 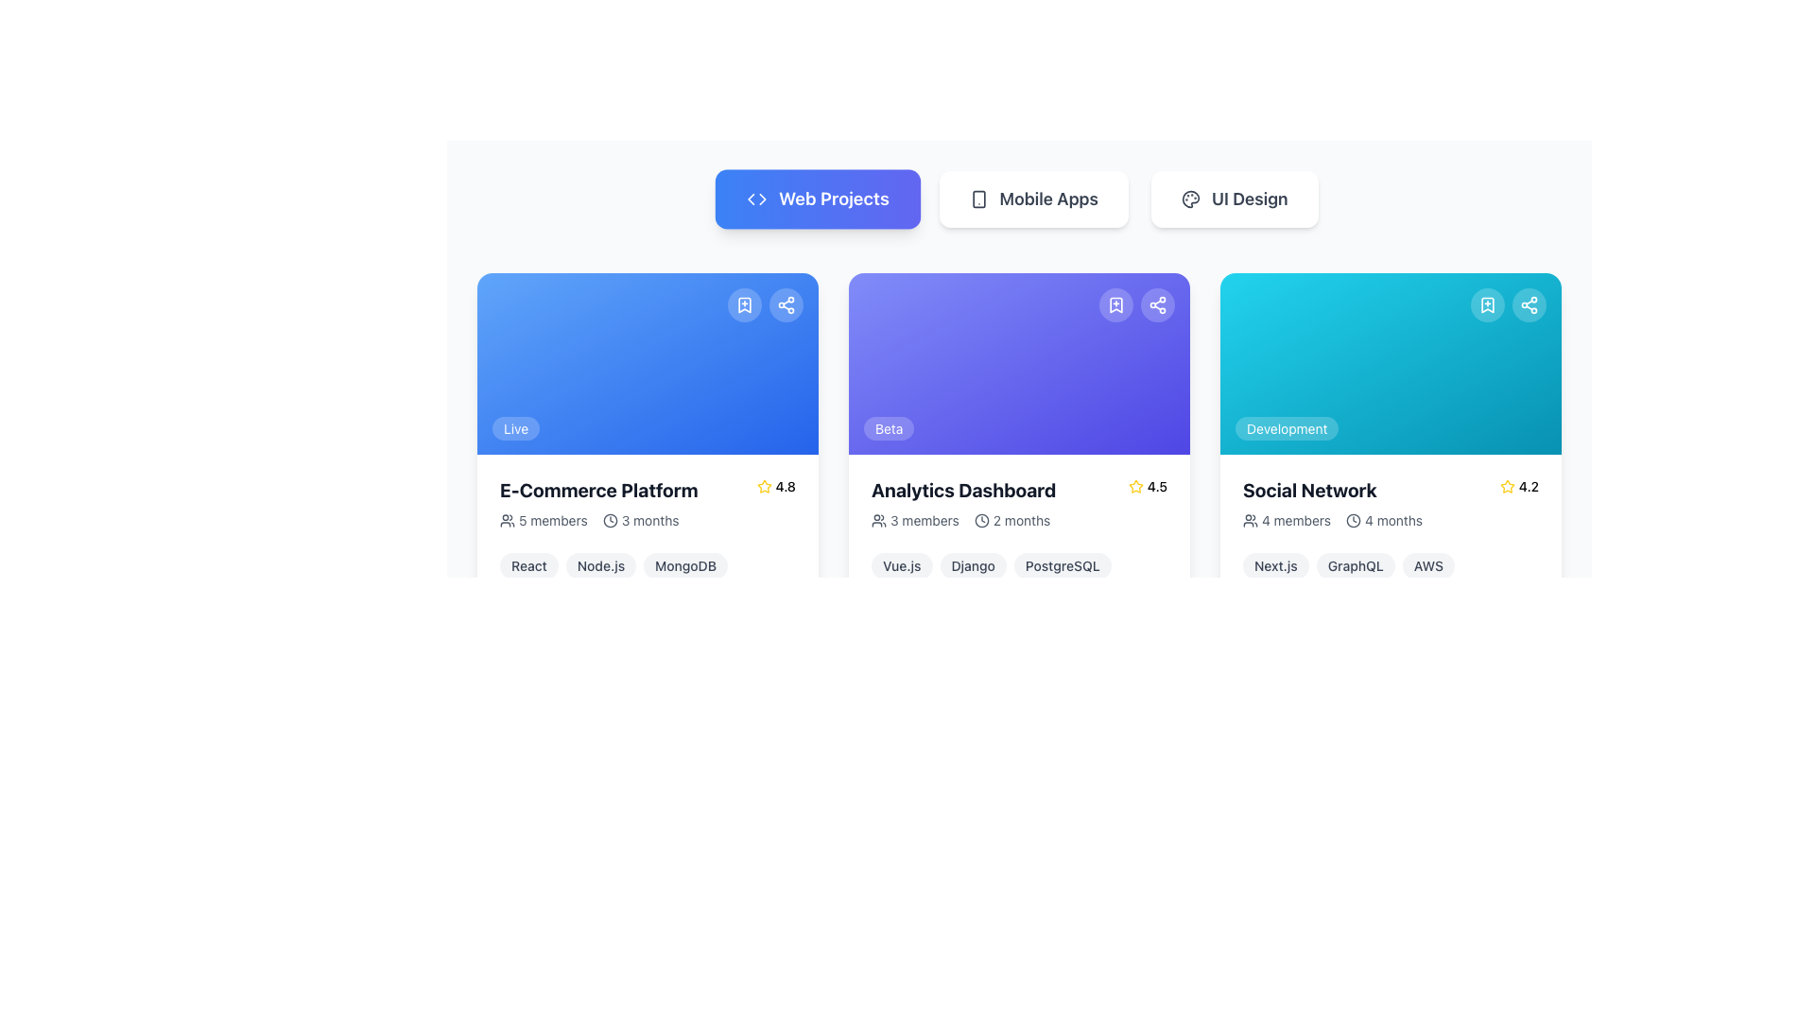 What do you see at coordinates (543, 521) in the screenshot?
I see `the text label '5 members' with the accompanying group icon, located within the first card under the 'Web Projects' tab, positioned to the left of '3 months' and below the card title 'E-Commerce Platform'` at bounding box center [543, 521].